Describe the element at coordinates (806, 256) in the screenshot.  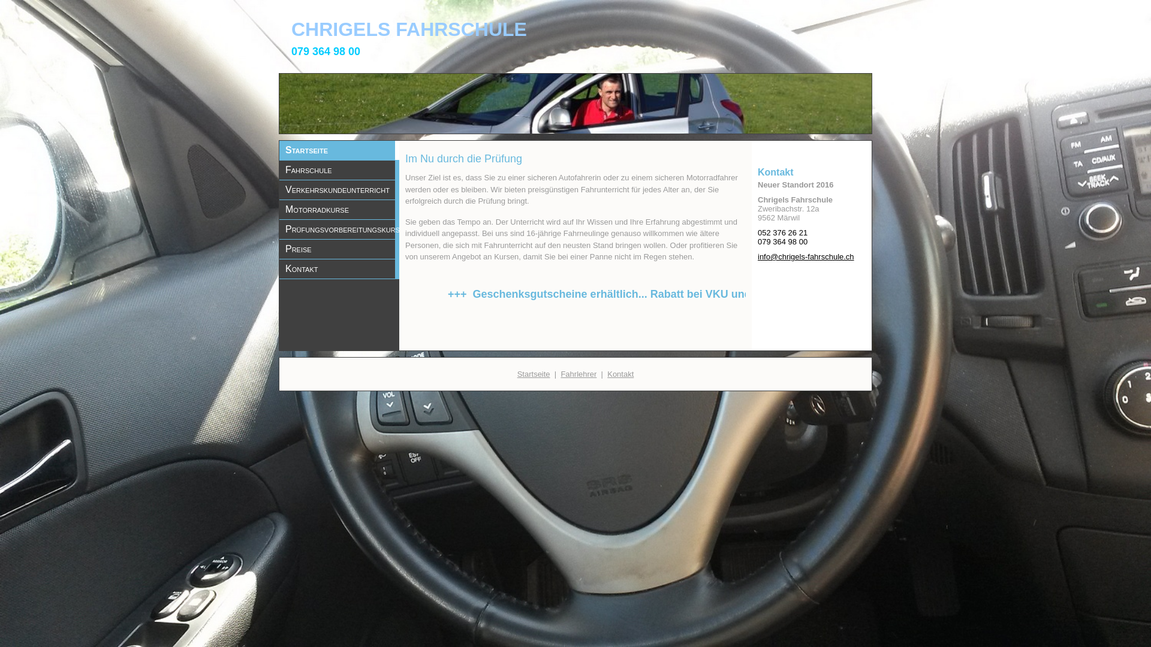
I see `'info@chrigels-fahrschule.ch'` at that location.